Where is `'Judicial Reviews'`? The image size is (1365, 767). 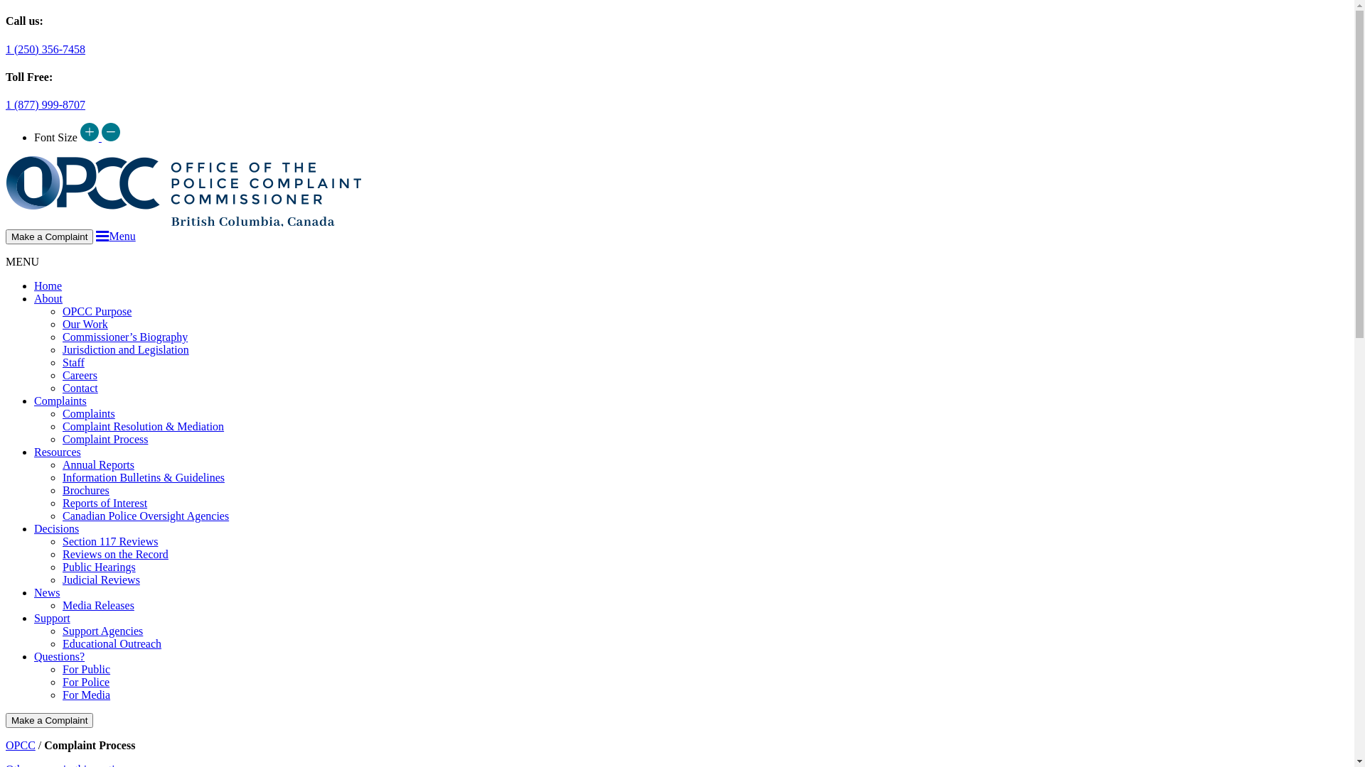
'Judicial Reviews' is located at coordinates (100, 580).